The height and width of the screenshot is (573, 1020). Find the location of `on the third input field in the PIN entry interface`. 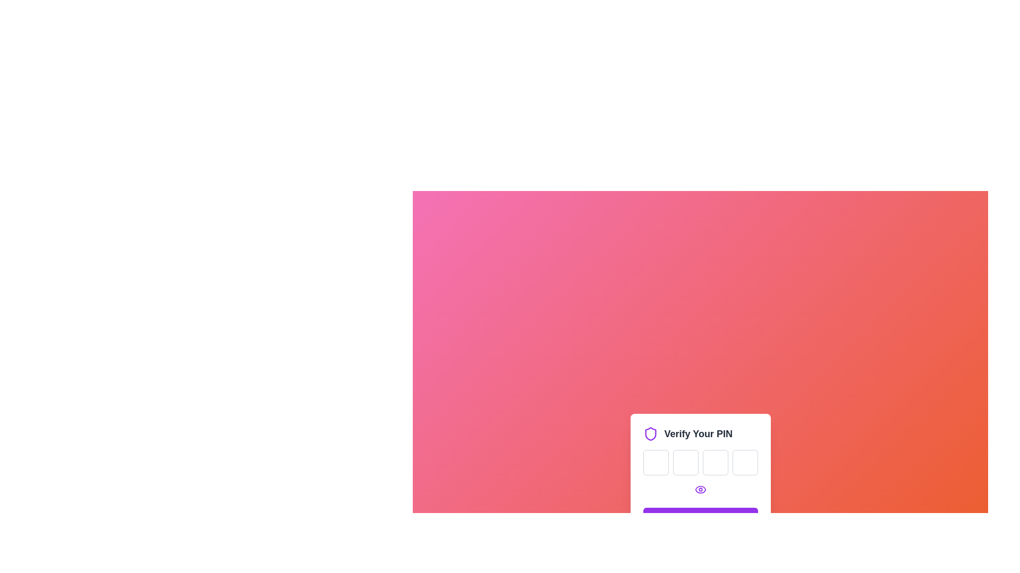

on the third input field in the PIN entry interface is located at coordinates (715, 462).